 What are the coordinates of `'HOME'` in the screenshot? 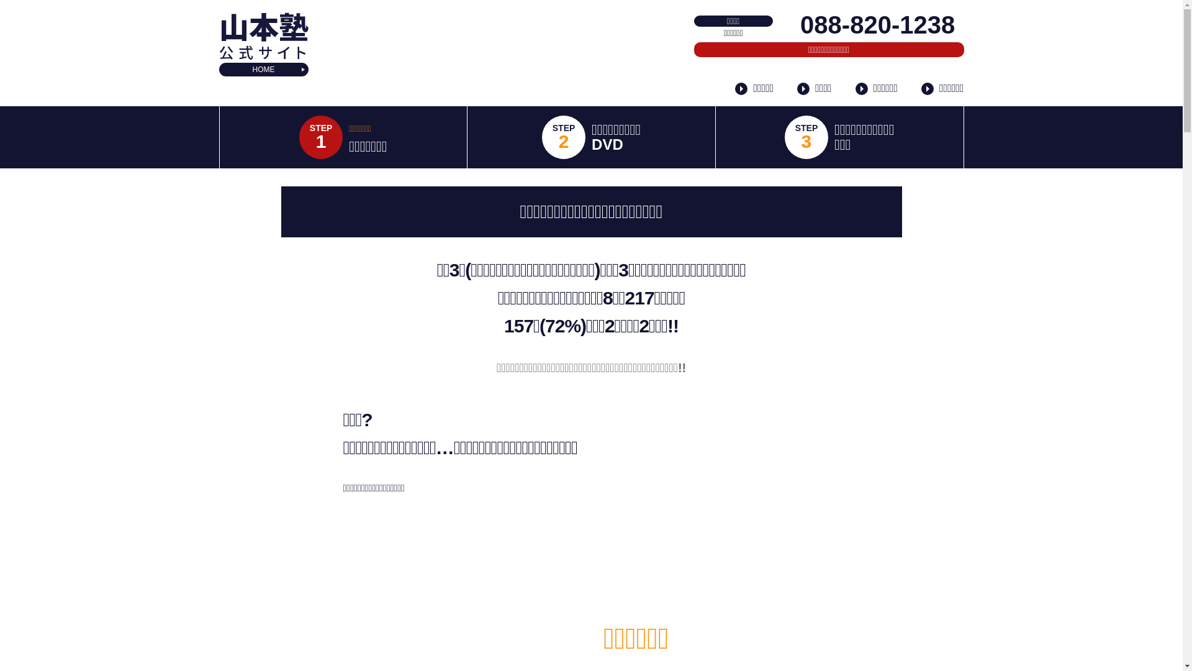 It's located at (262, 69).